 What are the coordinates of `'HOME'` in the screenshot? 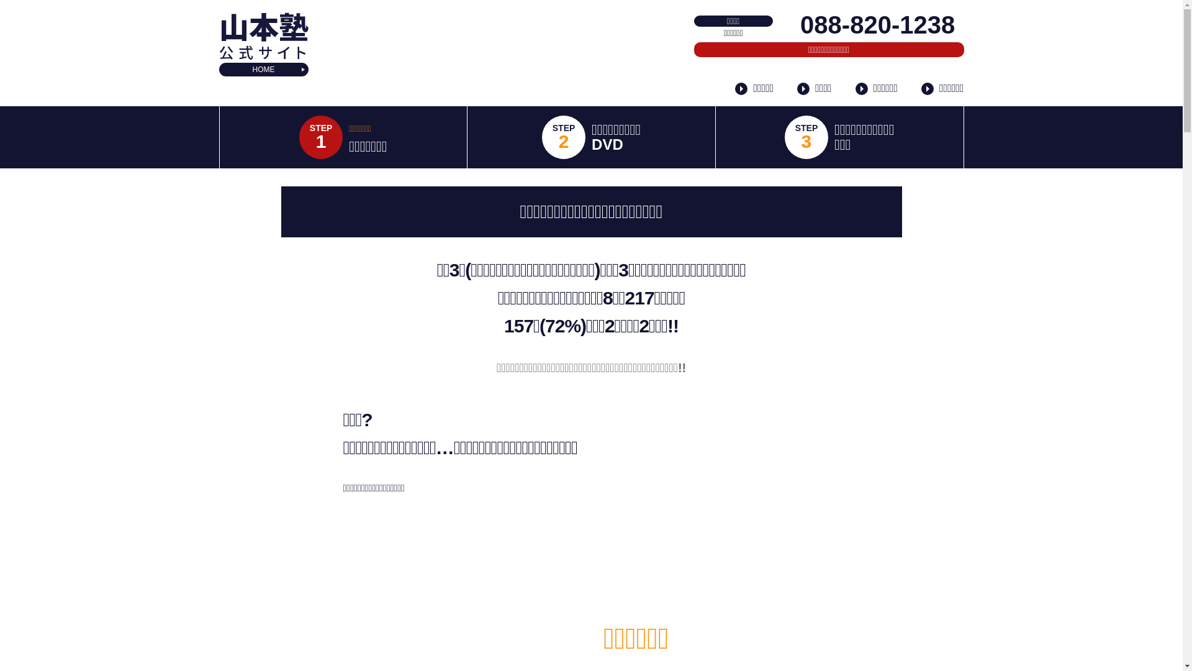 It's located at (262, 69).